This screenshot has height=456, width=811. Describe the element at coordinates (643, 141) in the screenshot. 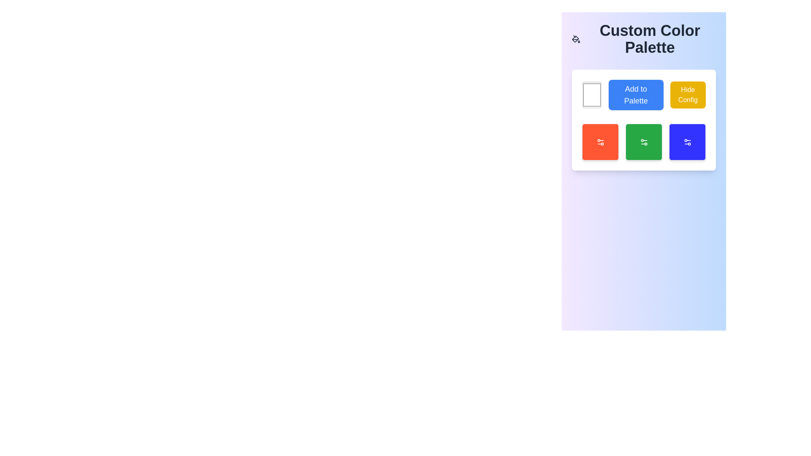

I see `the small green square icon with a settings-like design` at that location.